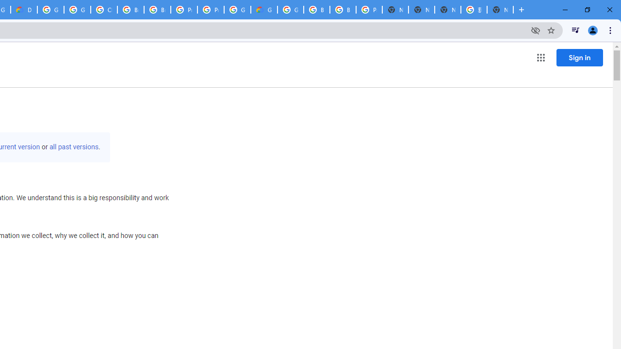 The width and height of the screenshot is (621, 349). Describe the element at coordinates (290, 10) in the screenshot. I see `'Google Cloud Platform'` at that location.